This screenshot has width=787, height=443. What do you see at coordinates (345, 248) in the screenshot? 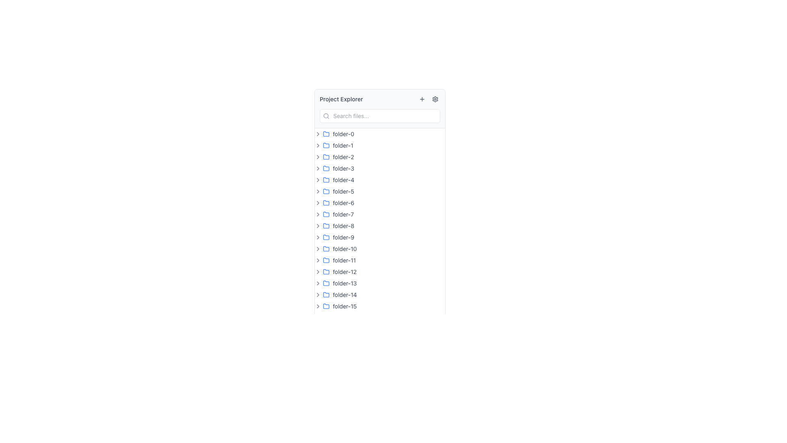
I see `the static text label representing the folder name, which is the eleventh entry in the project explorer interface, positioned between 'folder-9' and 'folder-11'` at bounding box center [345, 248].